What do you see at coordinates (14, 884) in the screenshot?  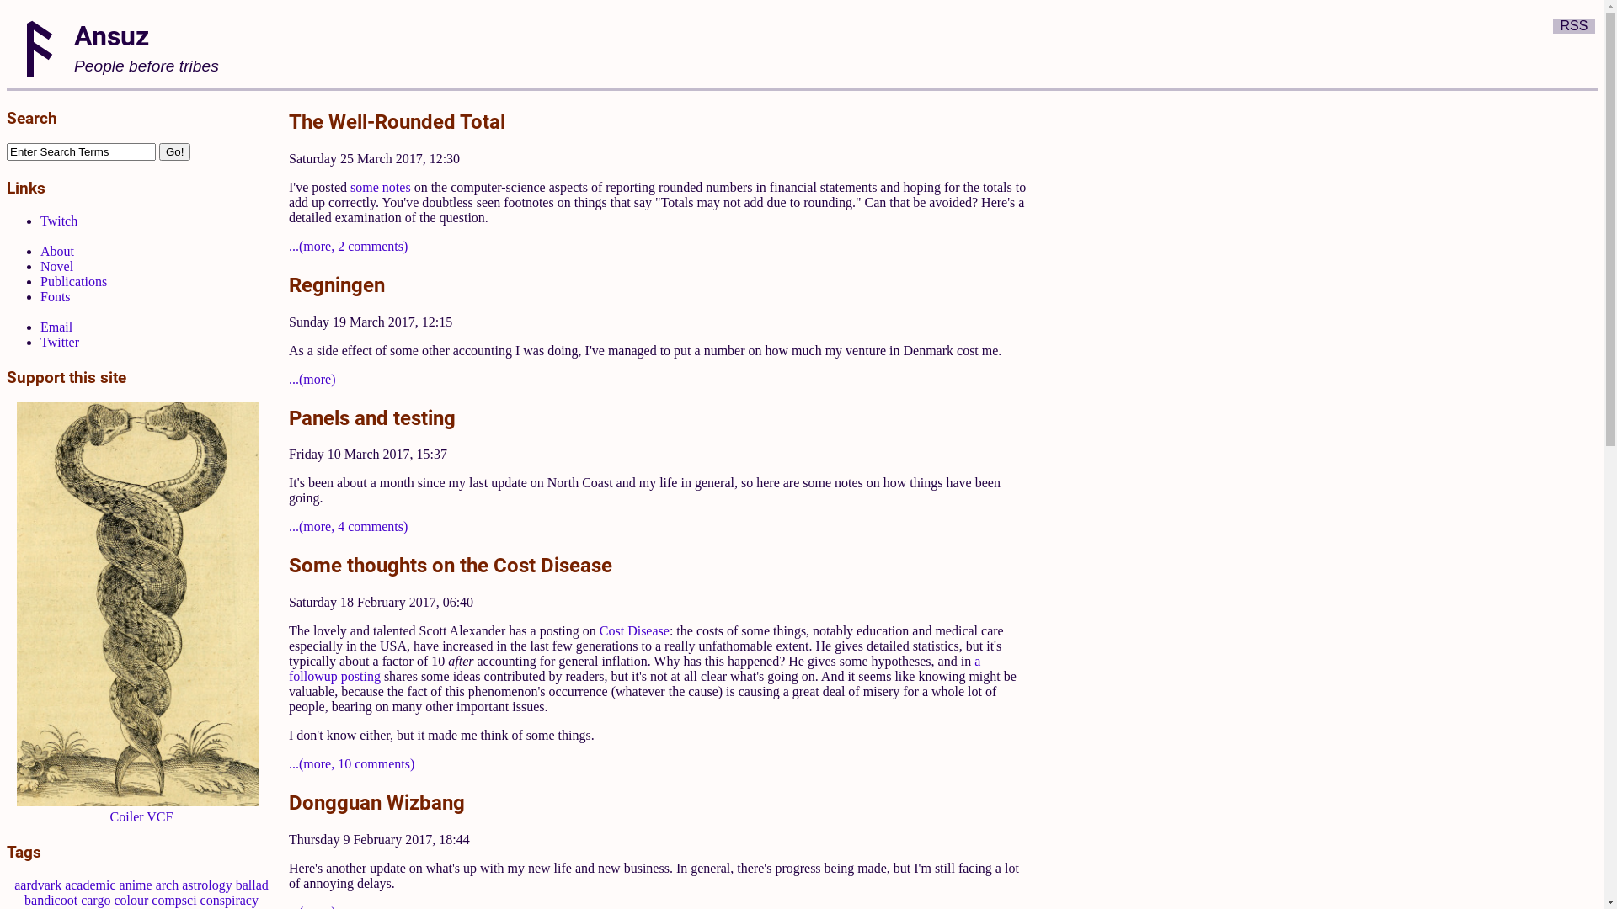 I see `'aardvark'` at bounding box center [14, 884].